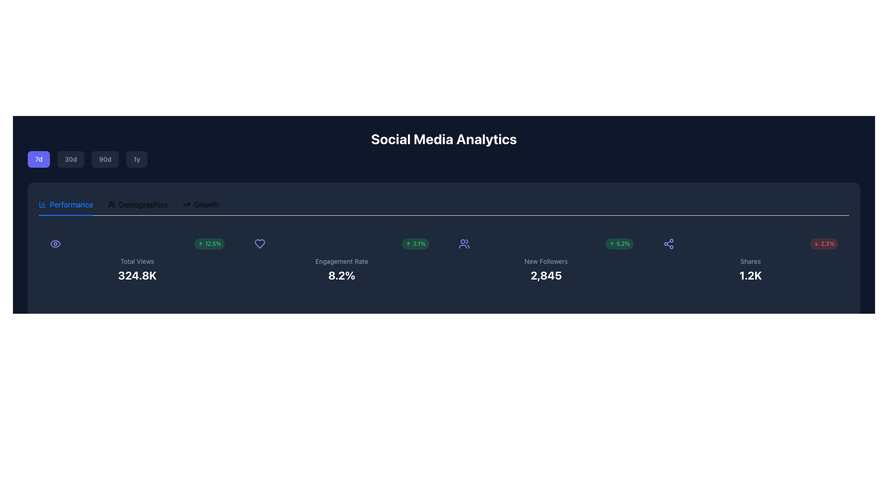 The image size is (888, 499). Describe the element at coordinates (750, 260) in the screenshot. I see `the informative card that displays the number of shares and the percentage change in shares, located in the bottom-right corner of the grid layout` at that location.